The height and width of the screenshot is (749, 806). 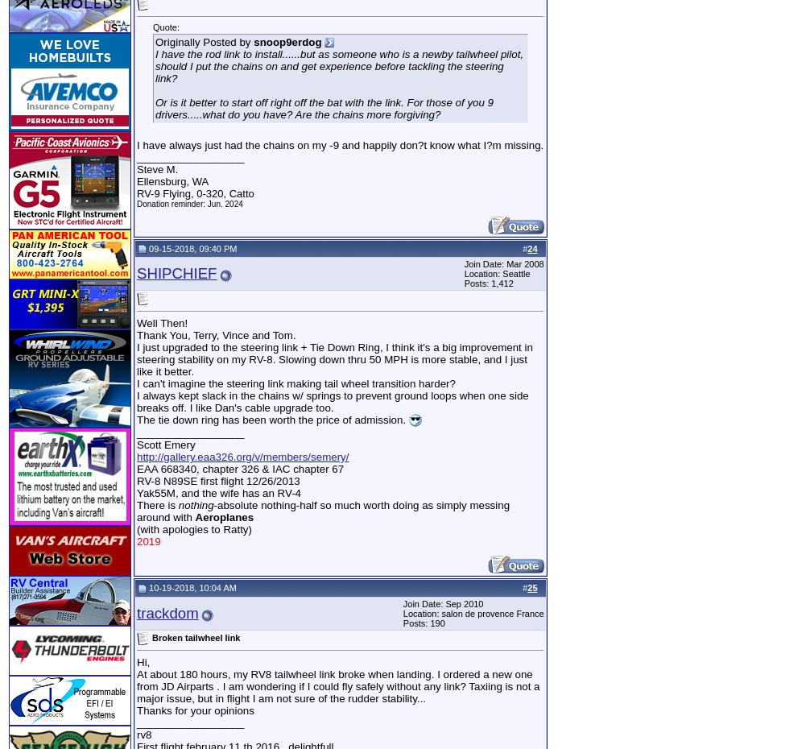 I want to click on '-absolute nothing-half so much worth doing as simply messing around with', so click(x=136, y=511).